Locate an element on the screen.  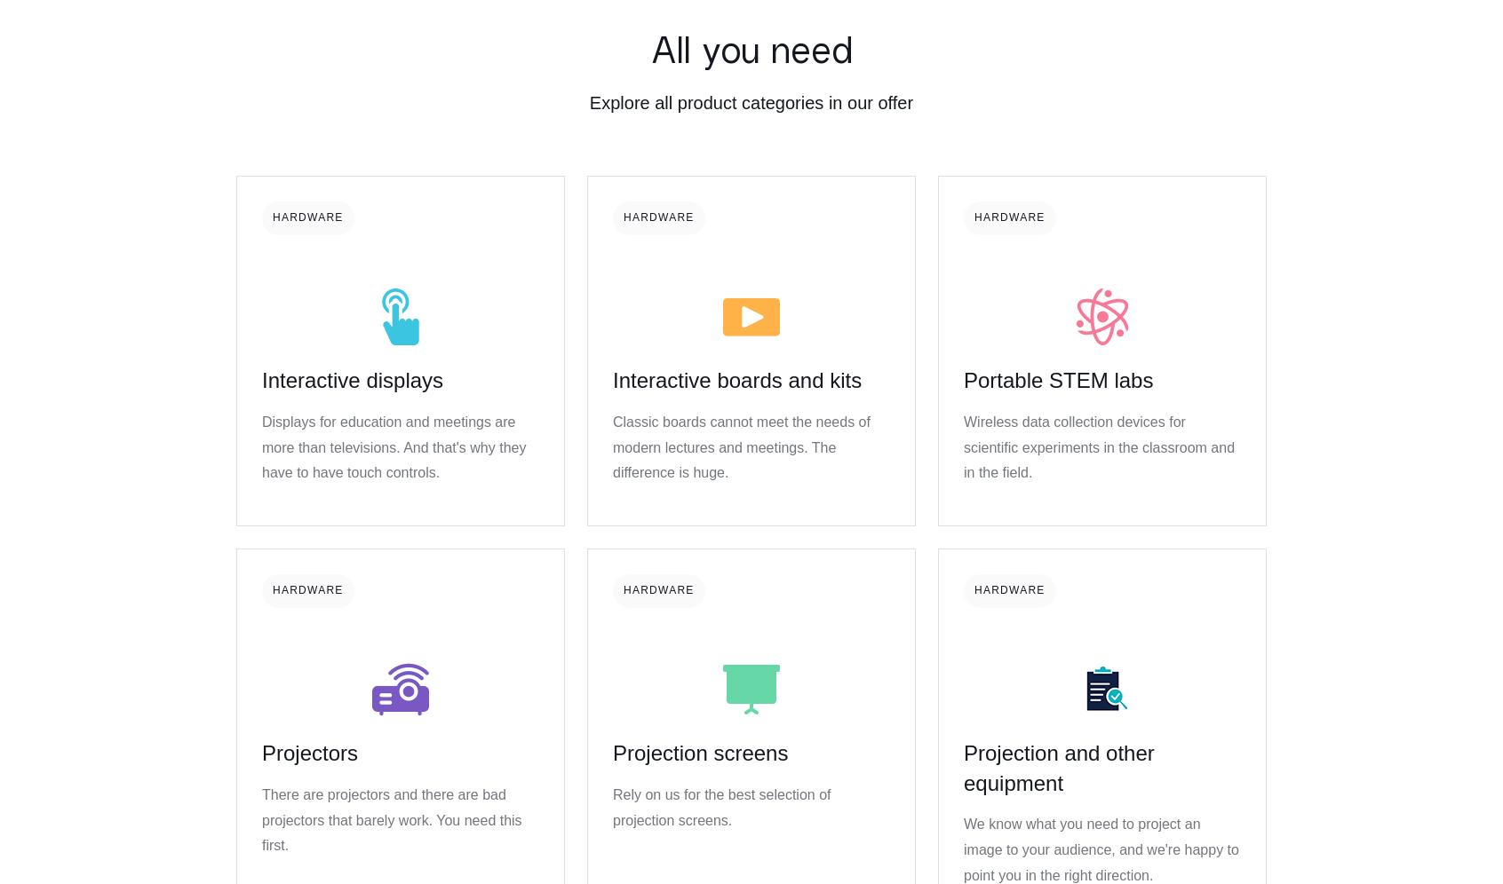
'All you need' is located at coordinates (751, 48).